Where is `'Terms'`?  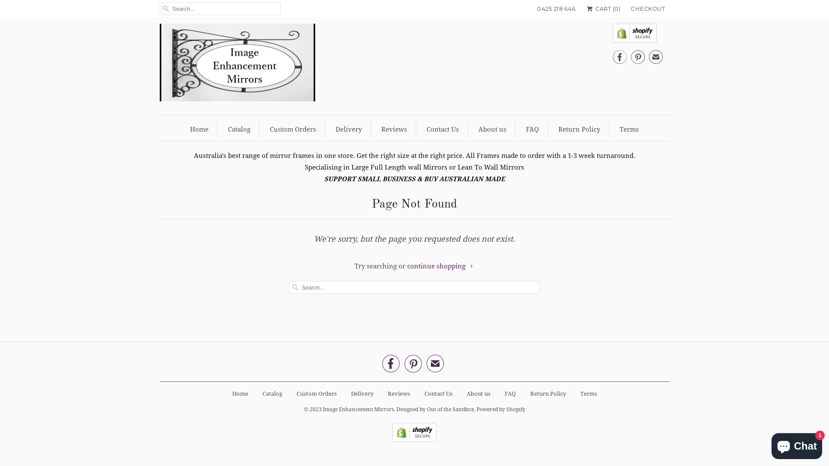
'Terms' is located at coordinates (588, 394).